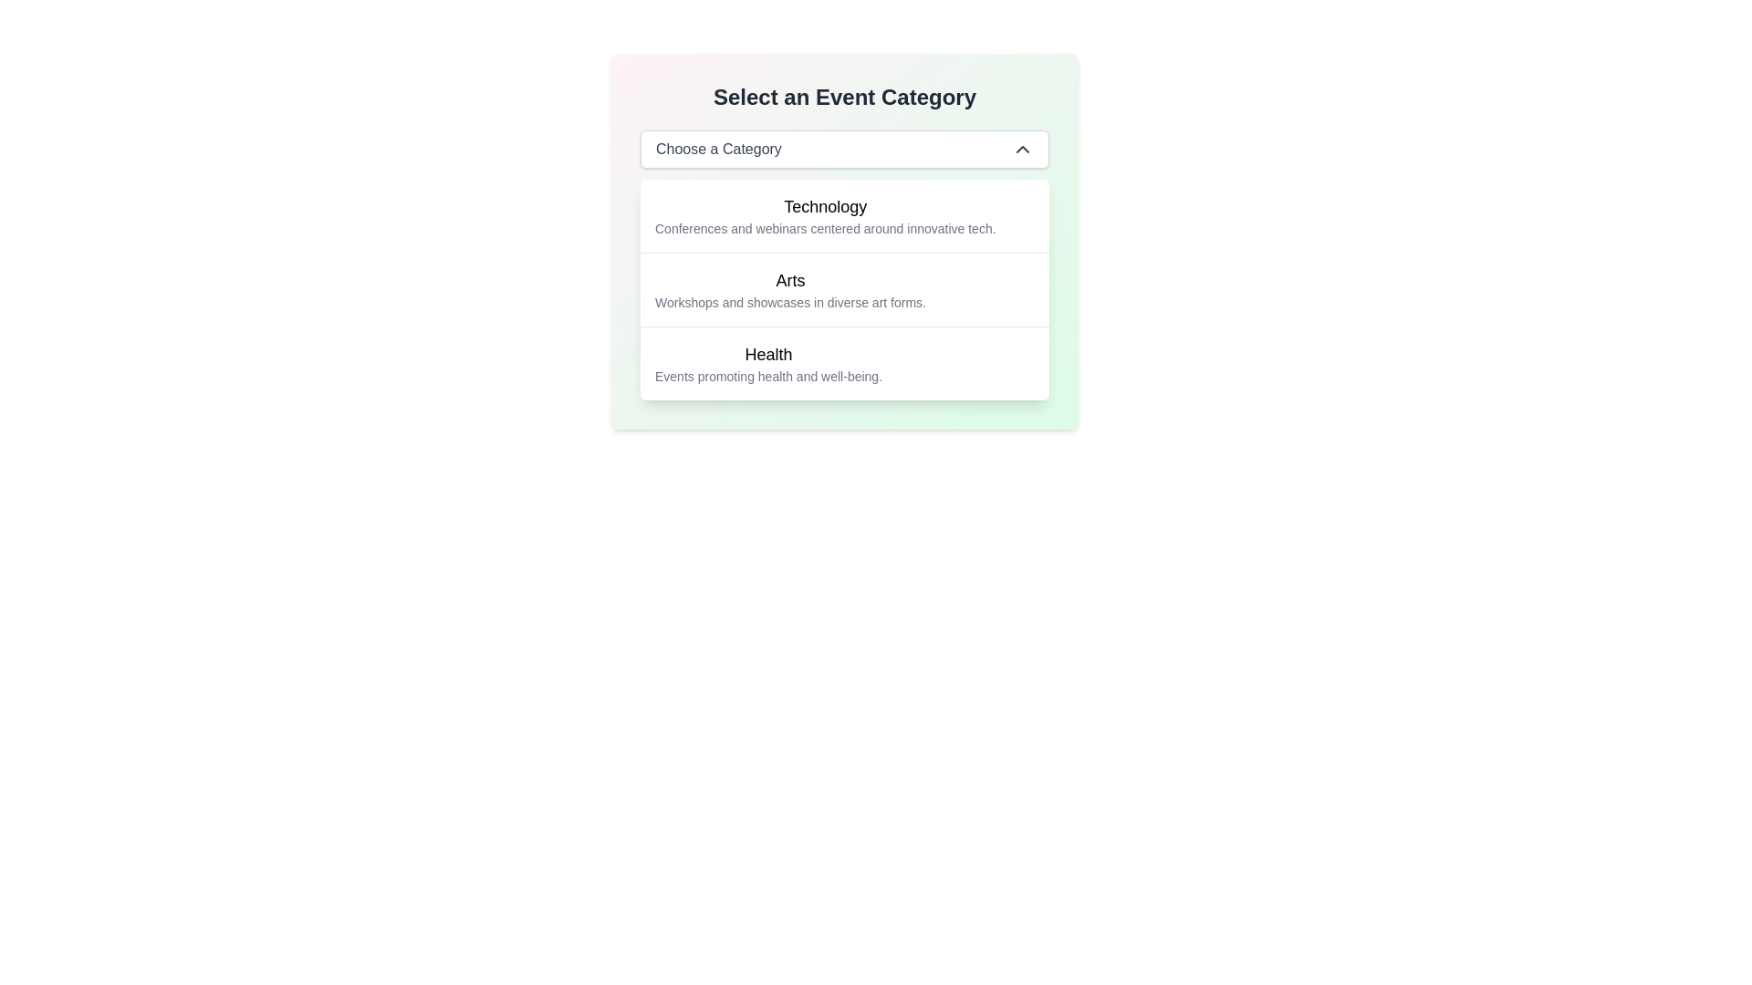 The image size is (1752, 985). What do you see at coordinates (790, 281) in the screenshot?
I see `the 'Arts' event category title text label, which is centrally aligned and positioned between the 'Technology' and 'Health' options` at bounding box center [790, 281].